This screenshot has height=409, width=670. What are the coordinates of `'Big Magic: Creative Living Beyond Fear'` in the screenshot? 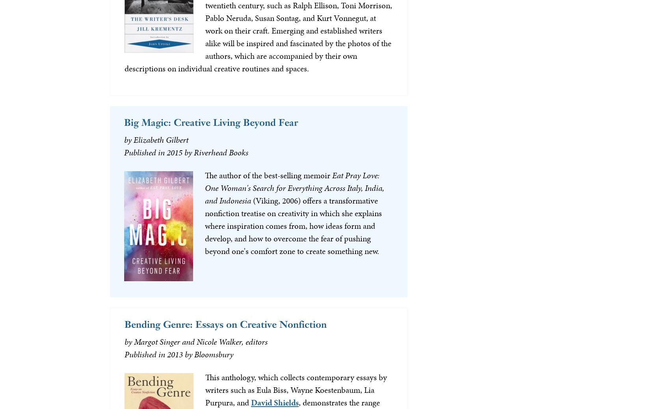 It's located at (210, 121).